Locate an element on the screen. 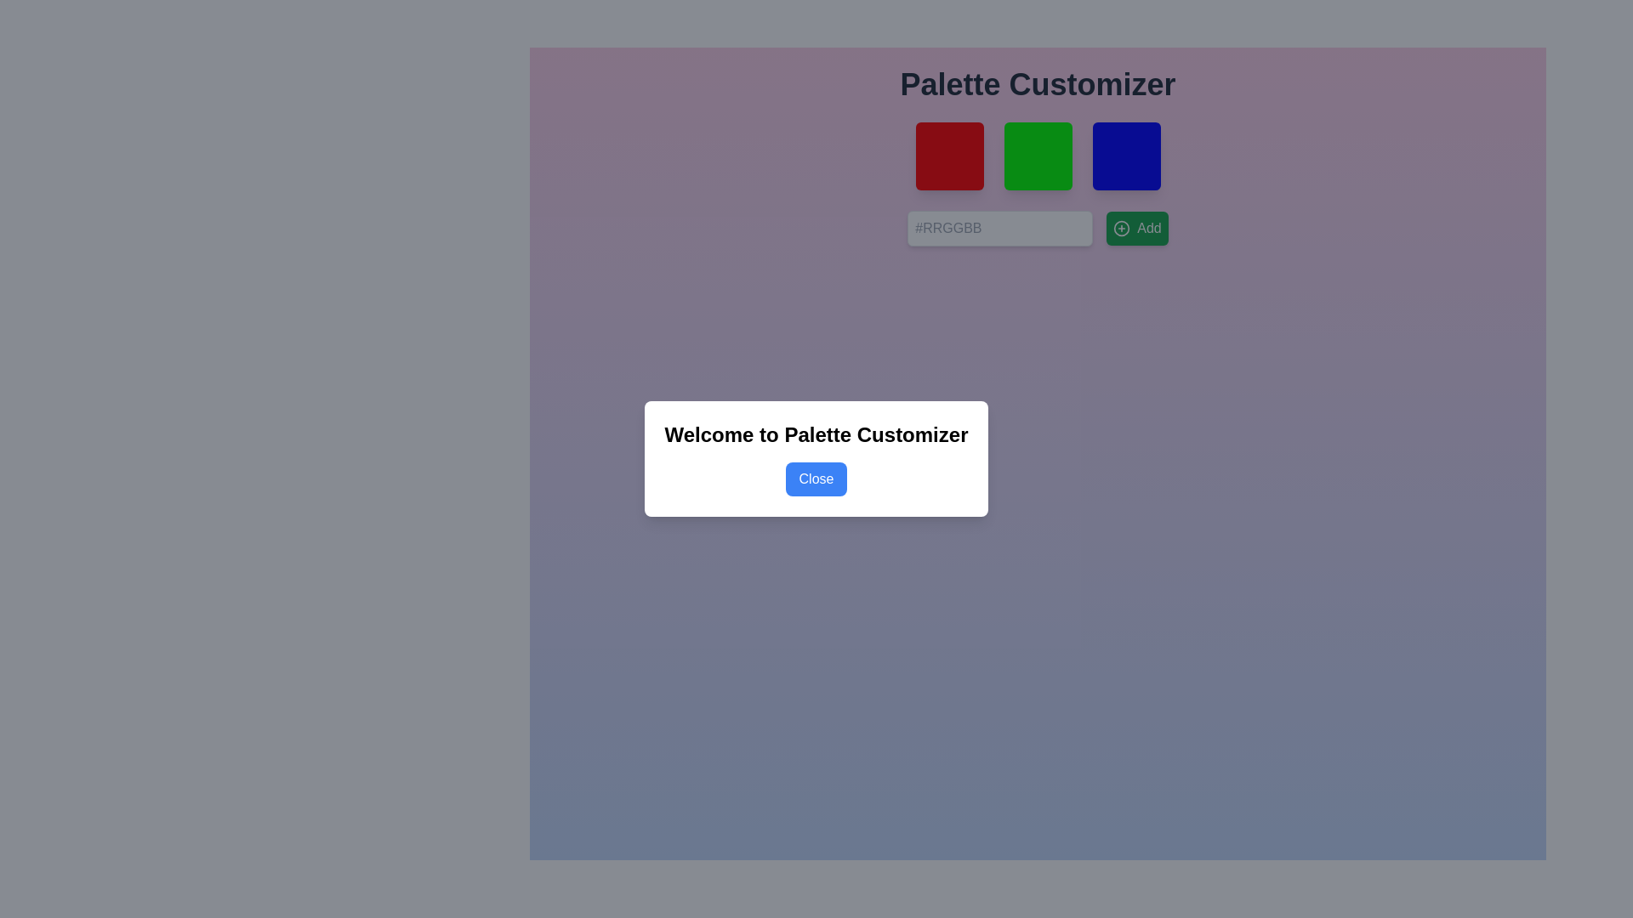 This screenshot has height=918, width=1633. the Modal dialog box that introduces the user to the palette customizer, which contains the heading 'Welcome to Palette Customizer' and a 'Close' button is located at coordinates (816, 459).